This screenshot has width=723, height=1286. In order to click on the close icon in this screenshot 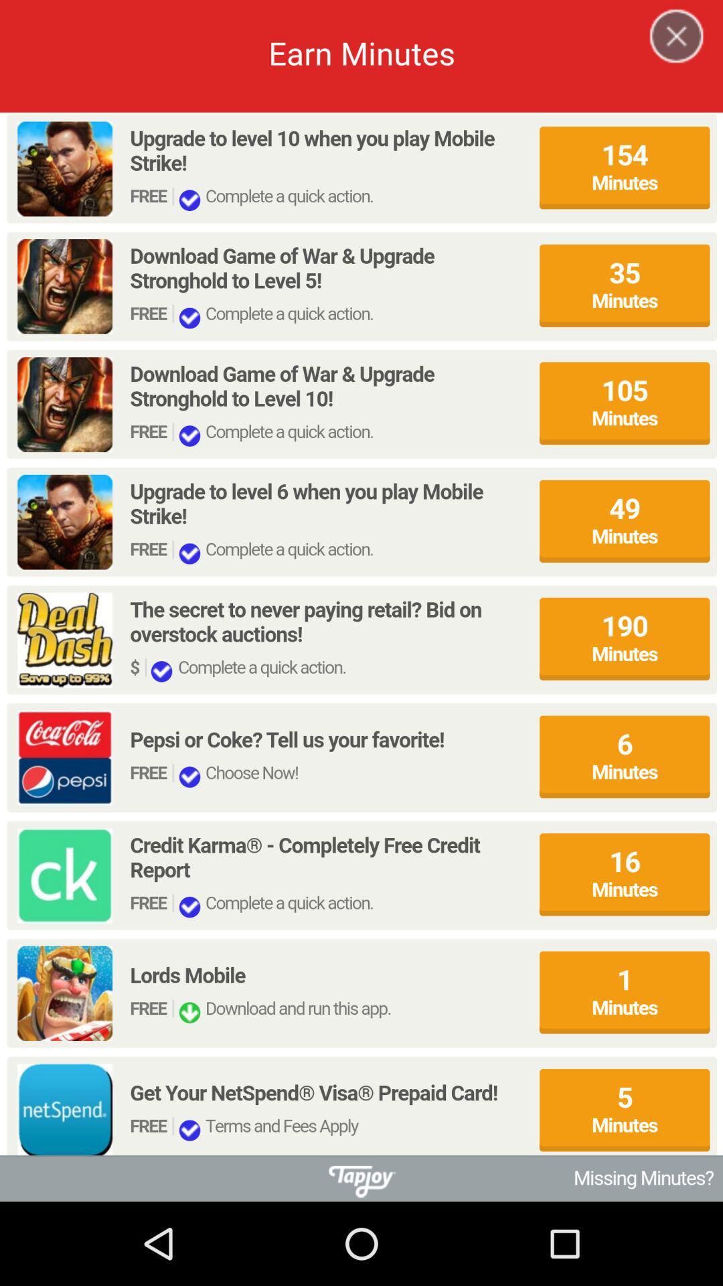, I will do `click(668, 54)`.